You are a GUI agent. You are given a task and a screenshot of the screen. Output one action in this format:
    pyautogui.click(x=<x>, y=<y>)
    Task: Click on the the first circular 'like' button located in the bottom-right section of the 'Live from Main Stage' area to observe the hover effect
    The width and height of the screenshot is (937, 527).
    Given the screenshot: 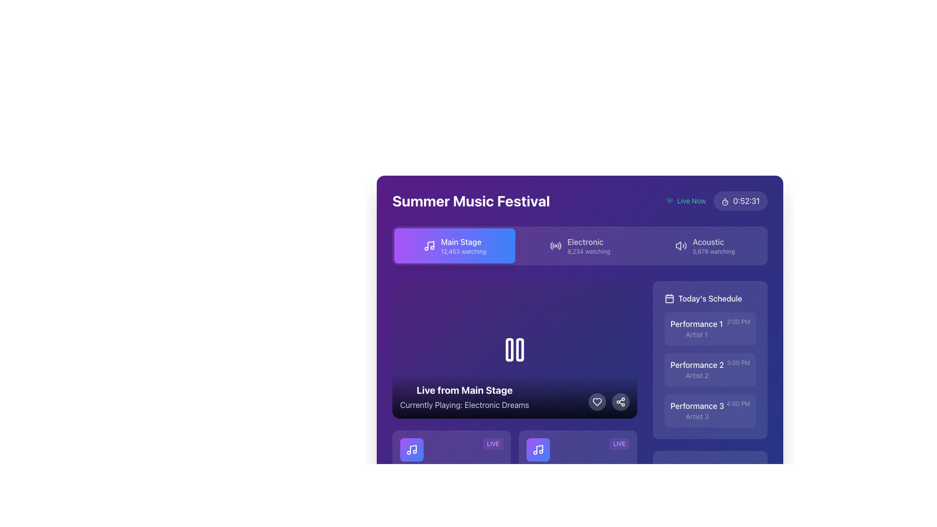 What is the action you would take?
    pyautogui.click(x=597, y=402)
    